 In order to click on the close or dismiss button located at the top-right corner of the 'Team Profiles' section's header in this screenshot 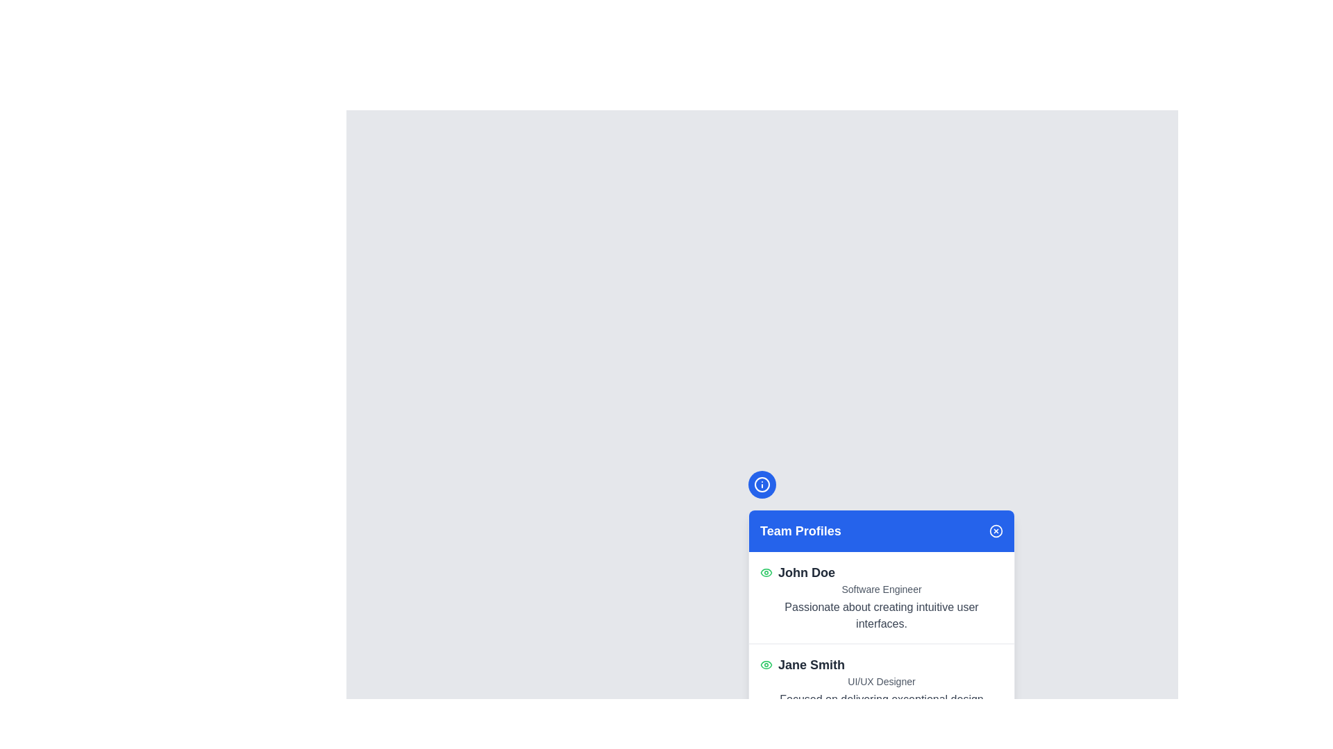, I will do `click(996, 531)`.